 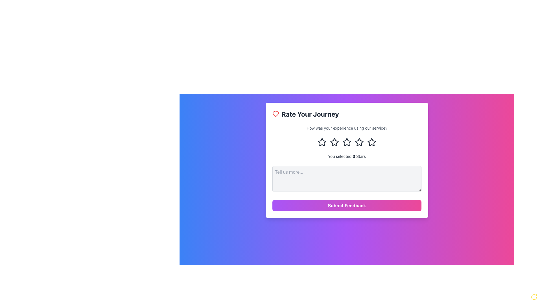 I want to click on the third star in the row of five in the rating interface, so click(x=359, y=142).